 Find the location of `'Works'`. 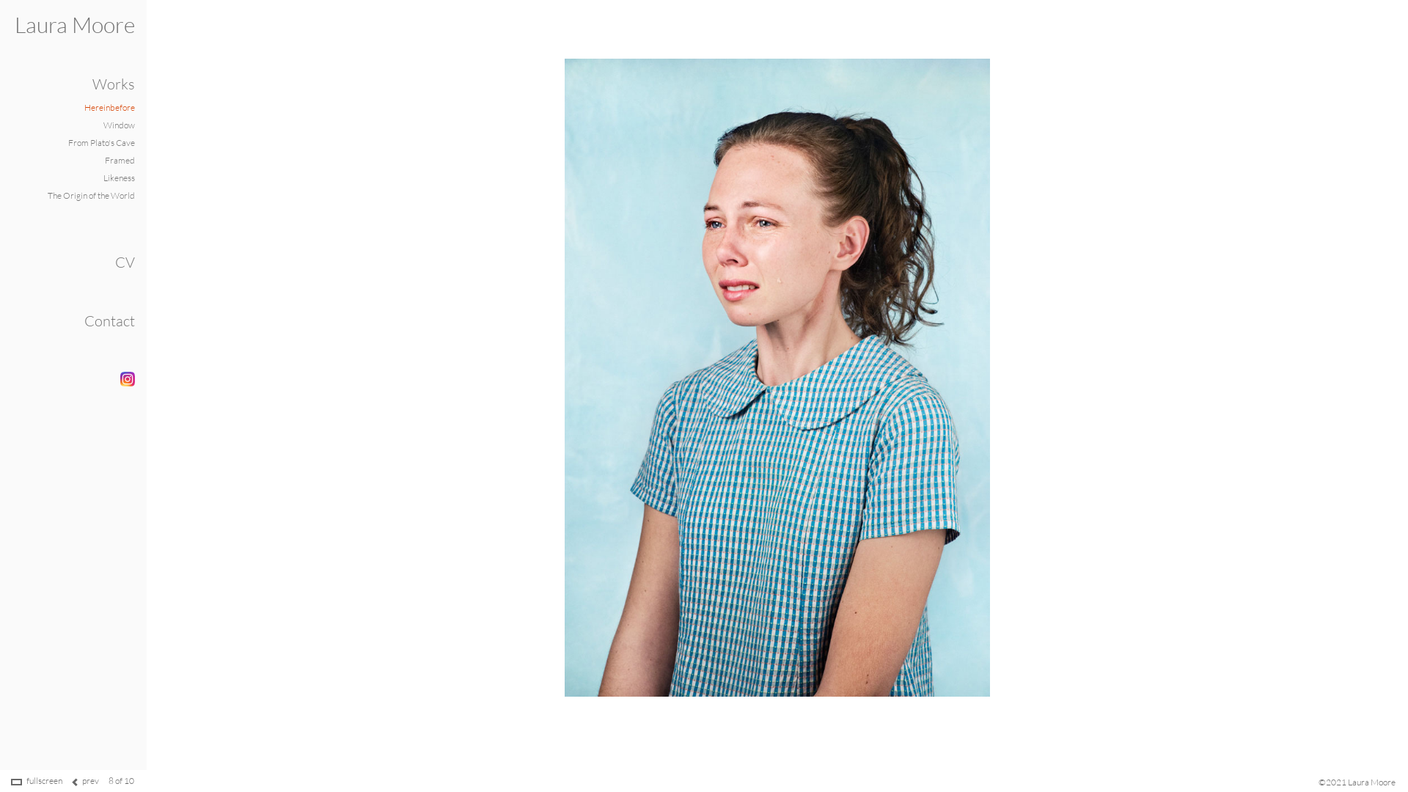

'Works' is located at coordinates (112, 84).